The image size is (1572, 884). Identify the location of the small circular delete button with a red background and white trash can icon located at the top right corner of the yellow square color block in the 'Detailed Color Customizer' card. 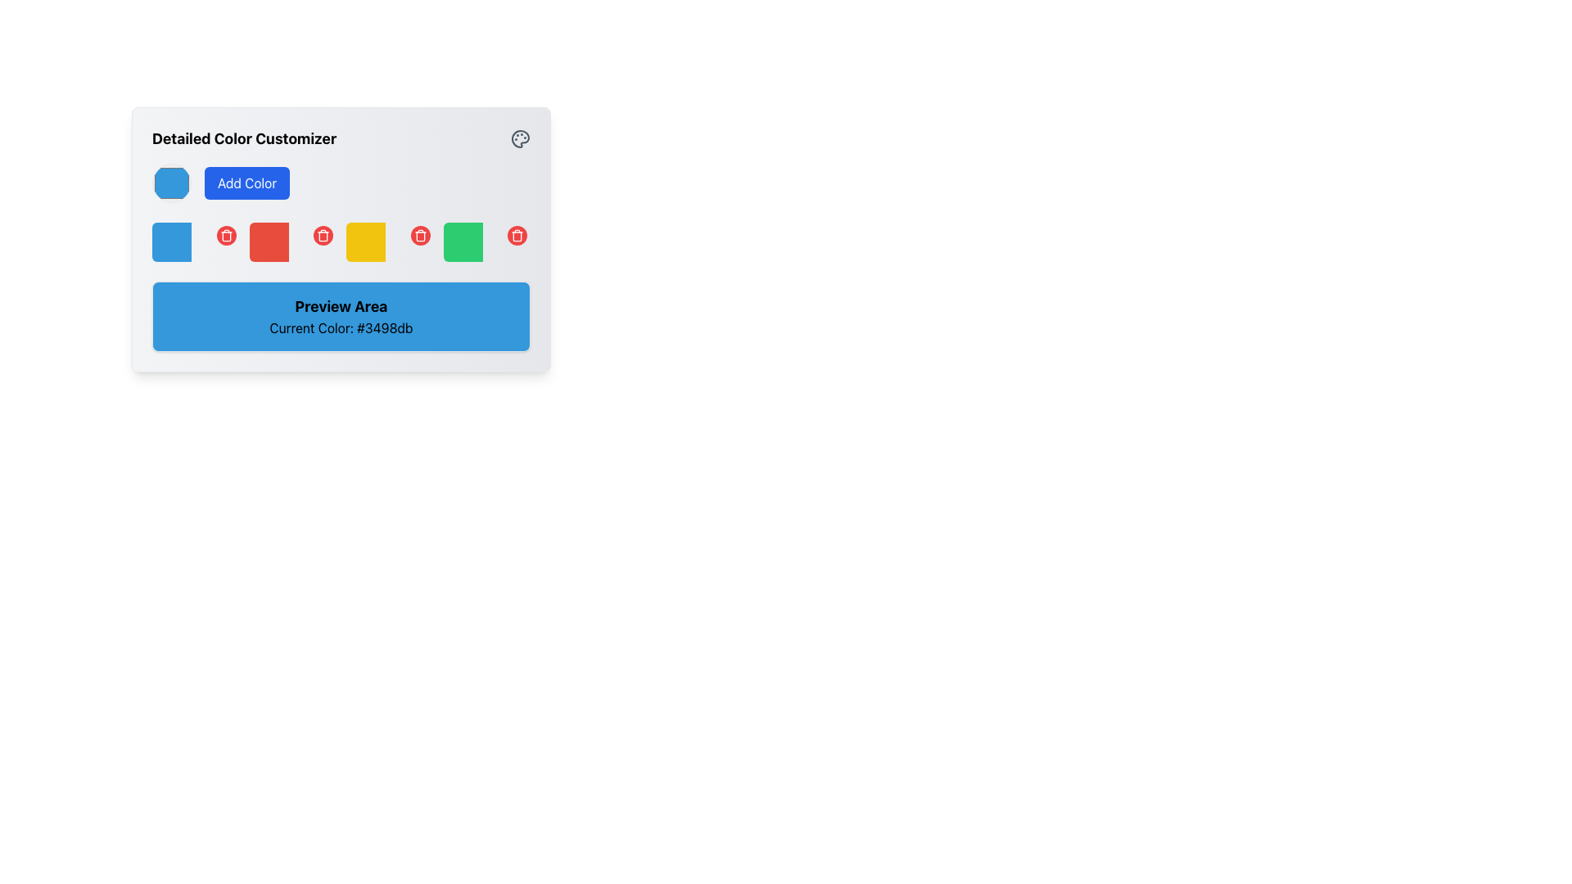
(420, 236).